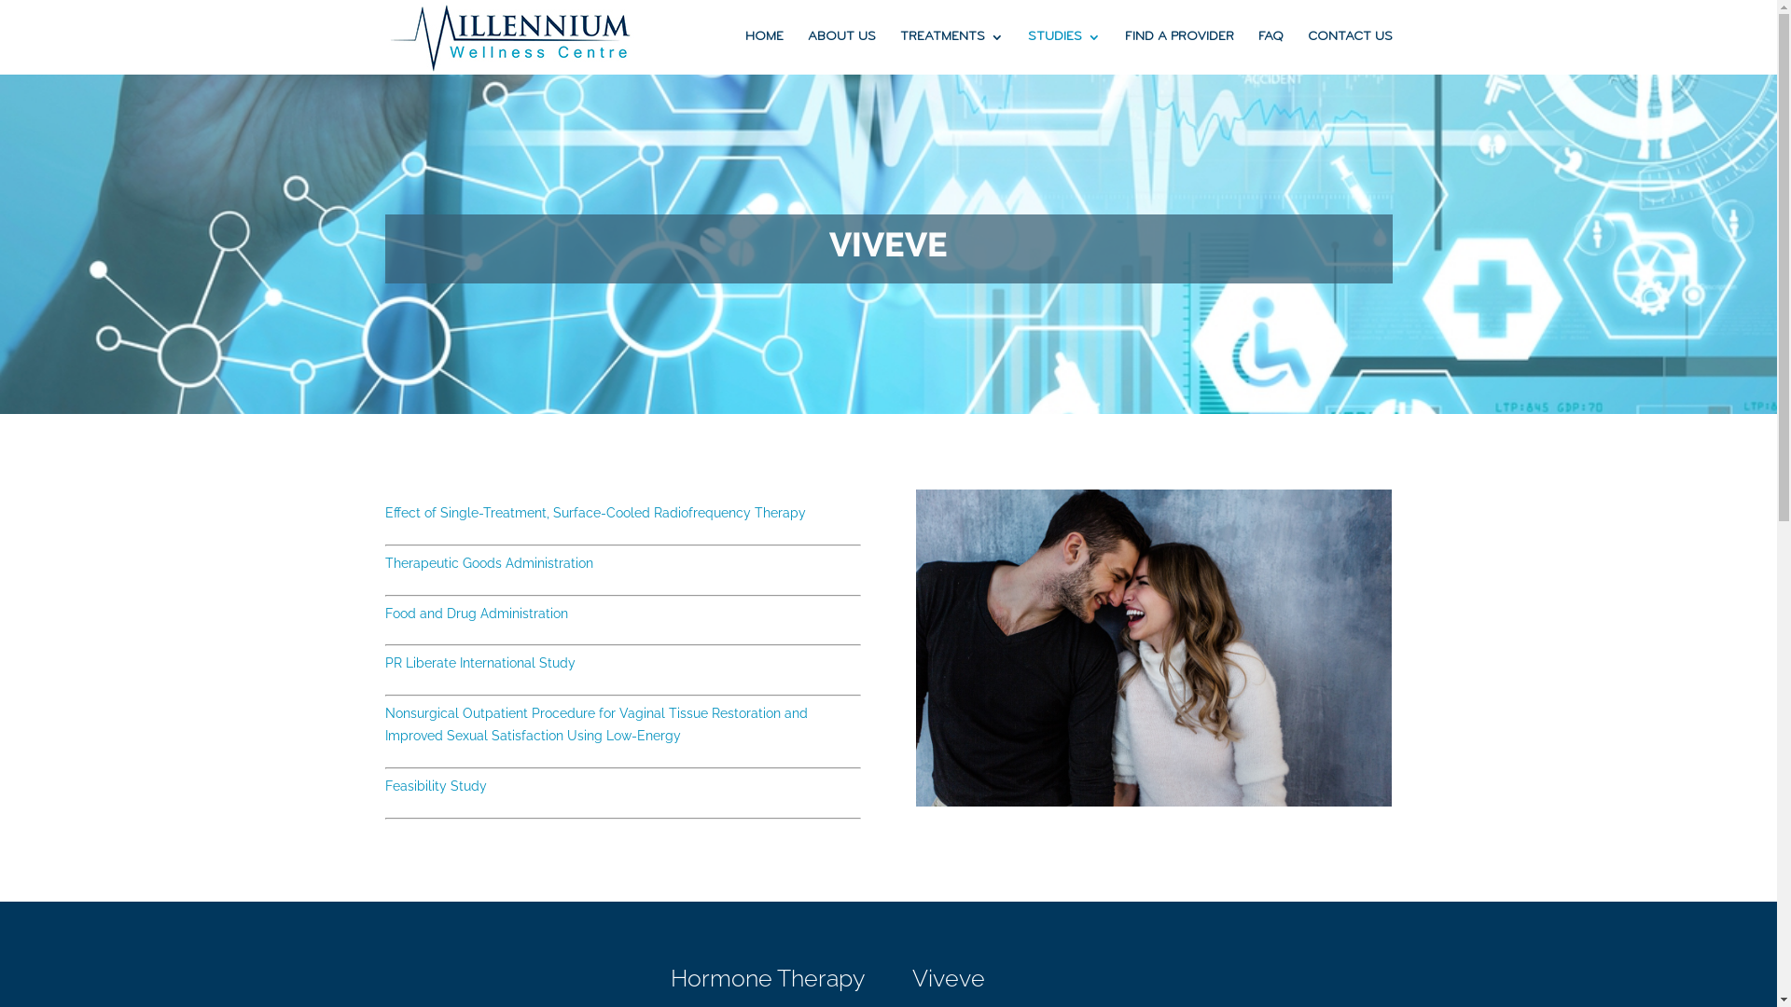  Describe the element at coordinates (807, 51) in the screenshot. I see `'ABOUT US'` at that location.